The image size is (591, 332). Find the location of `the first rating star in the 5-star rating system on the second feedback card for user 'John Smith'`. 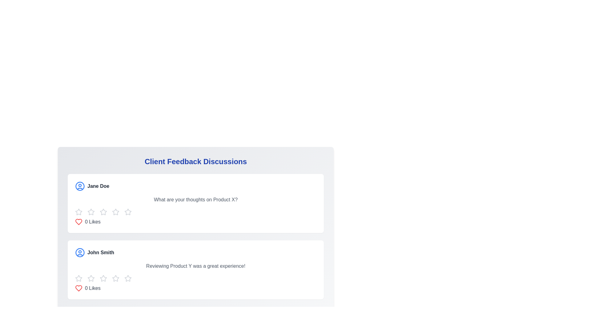

the first rating star in the 5-star rating system on the second feedback card for user 'John Smith' is located at coordinates (78, 278).